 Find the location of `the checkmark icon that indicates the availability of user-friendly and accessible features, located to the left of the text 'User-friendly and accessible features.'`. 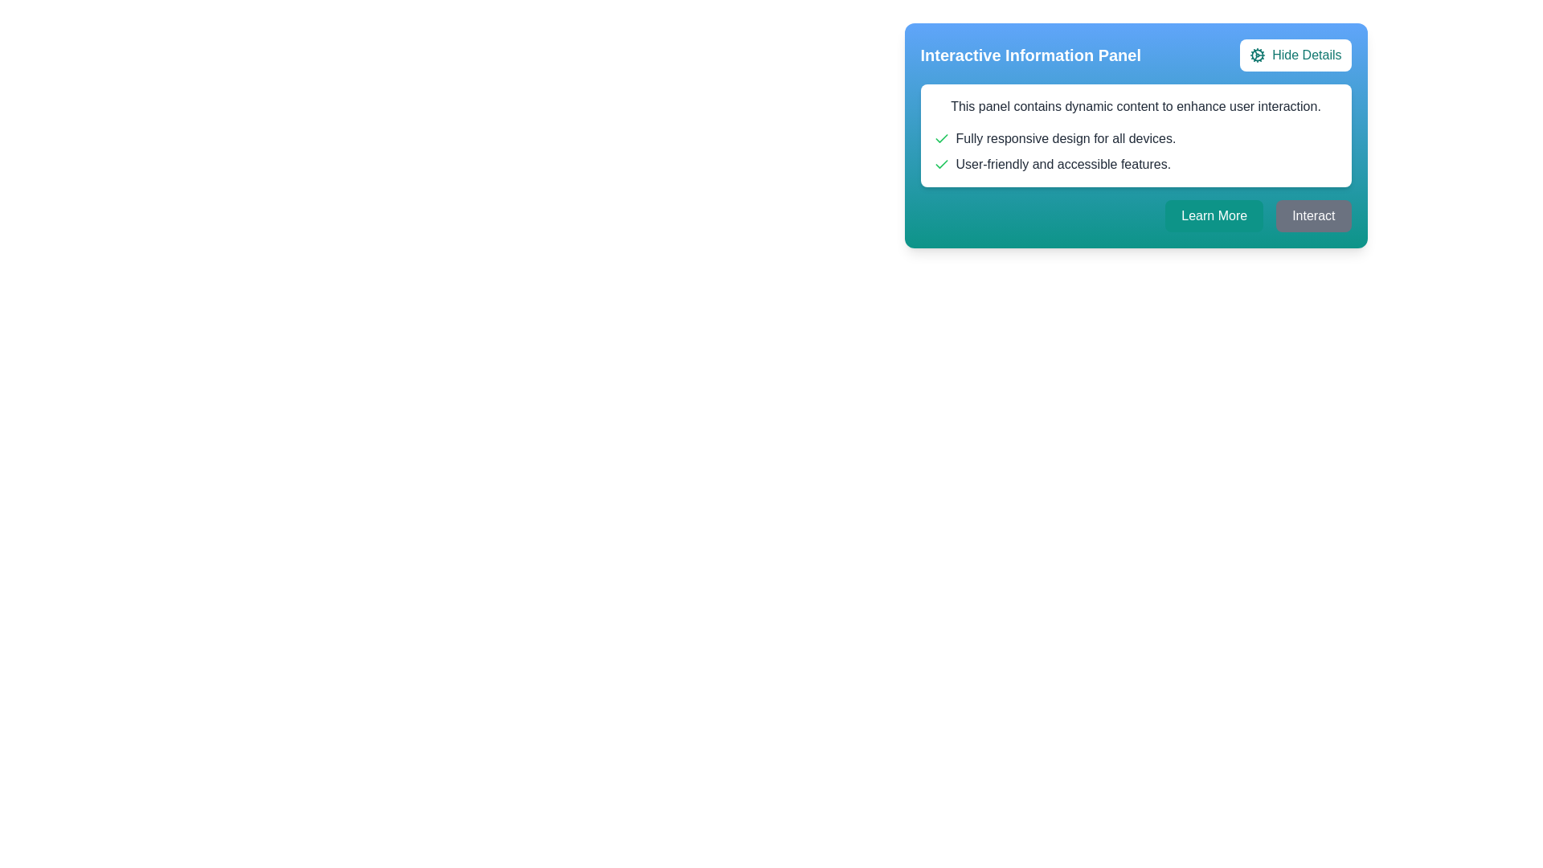

the checkmark icon that indicates the availability of user-friendly and accessible features, located to the left of the text 'User-friendly and accessible features.' is located at coordinates (941, 164).